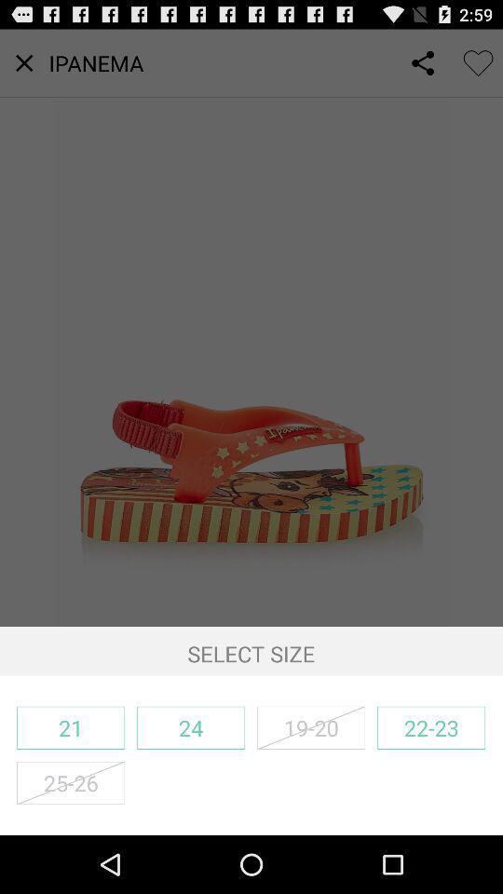 This screenshot has width=503, height=894. What do you see at coordinates (251, 328) in the screenshot?
I see `icon above select size` at bounding box center [251, 328].